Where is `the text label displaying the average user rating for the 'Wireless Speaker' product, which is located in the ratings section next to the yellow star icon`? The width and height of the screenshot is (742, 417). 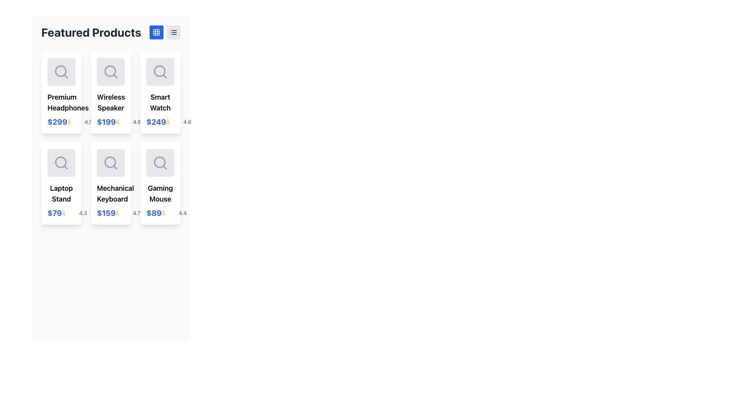 the text label displaying the average user rating for the 'Wireless Speaker' product, which is located in the ratings section next to the yellow star icon is located at coordinates (88, 122).